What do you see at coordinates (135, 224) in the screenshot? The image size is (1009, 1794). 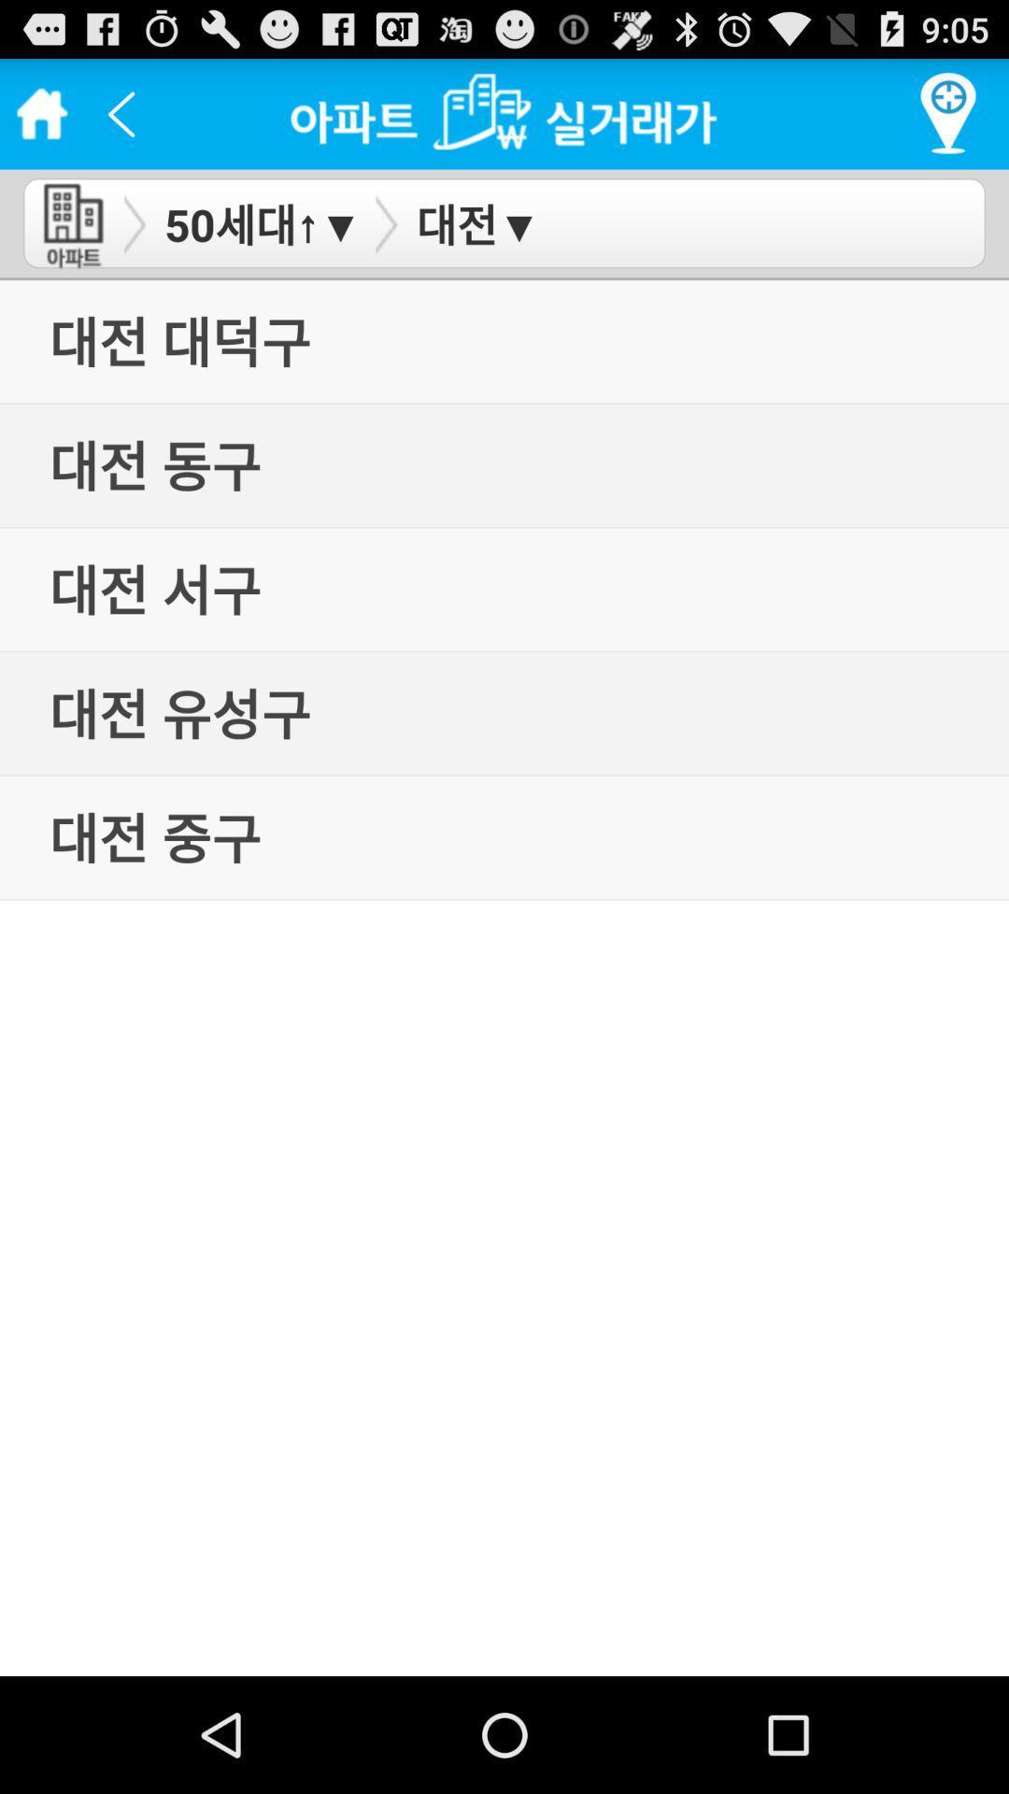 I see `arrow button beside 50` at bounding box center [135, 224].